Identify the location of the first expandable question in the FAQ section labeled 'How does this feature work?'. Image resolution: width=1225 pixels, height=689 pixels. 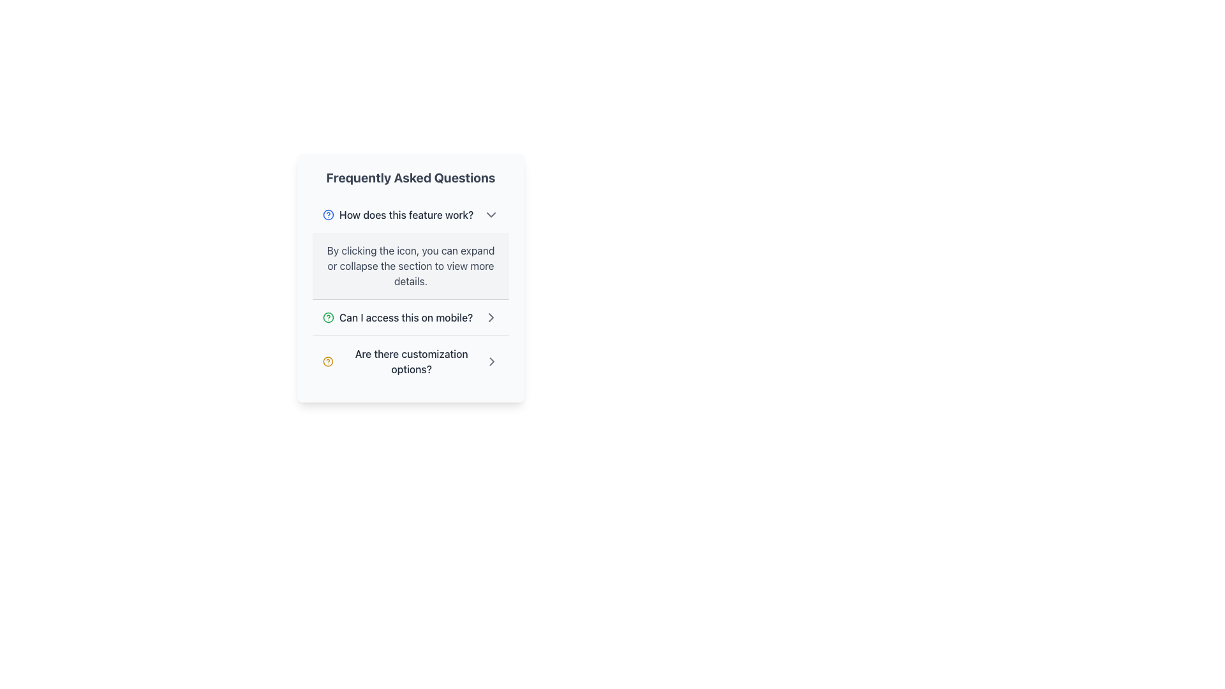
(410, 248).